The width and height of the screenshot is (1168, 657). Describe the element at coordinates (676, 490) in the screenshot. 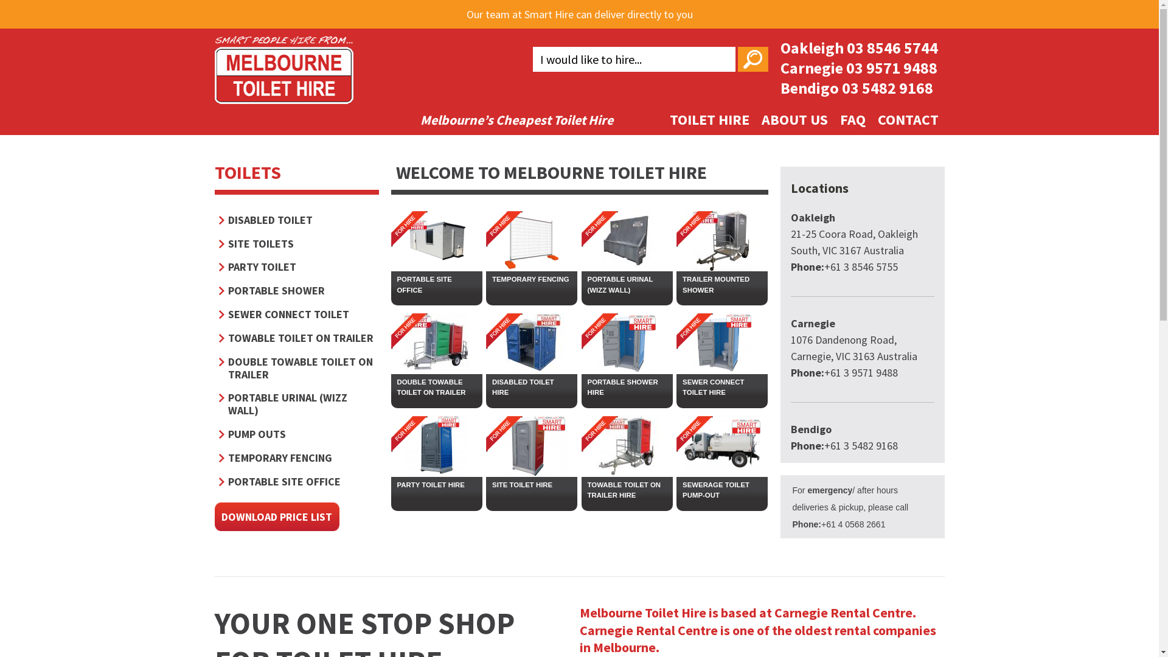

I see `'SEWERAGE TOILET PUMP-OUT'` at that location.